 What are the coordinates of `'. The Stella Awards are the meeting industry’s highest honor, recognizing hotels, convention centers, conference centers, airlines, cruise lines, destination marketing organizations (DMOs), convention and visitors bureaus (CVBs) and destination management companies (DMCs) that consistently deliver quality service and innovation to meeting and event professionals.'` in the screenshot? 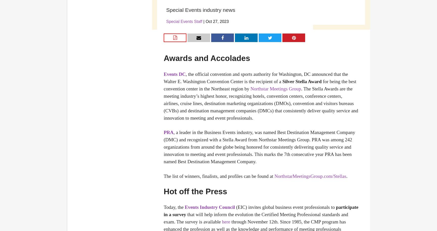 It's located at (260, 103).